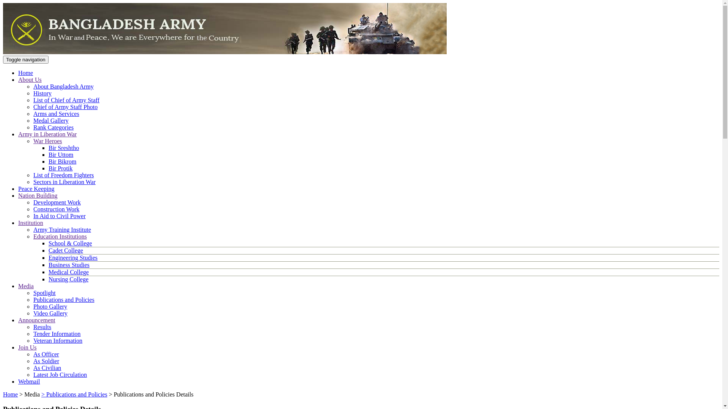 This screenshot has width=728, height=409. I want to click on 'Sectors in Liberation War', so click(64, 182).